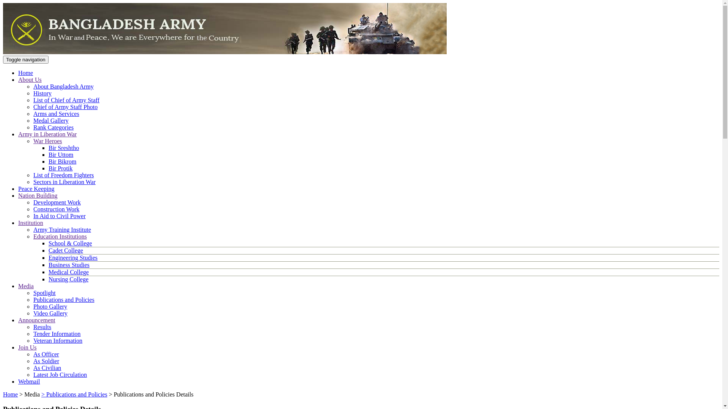 This screenshot has width=728, height=409. I want to click on 'Sectors in Liberation War', so click(64, 182).